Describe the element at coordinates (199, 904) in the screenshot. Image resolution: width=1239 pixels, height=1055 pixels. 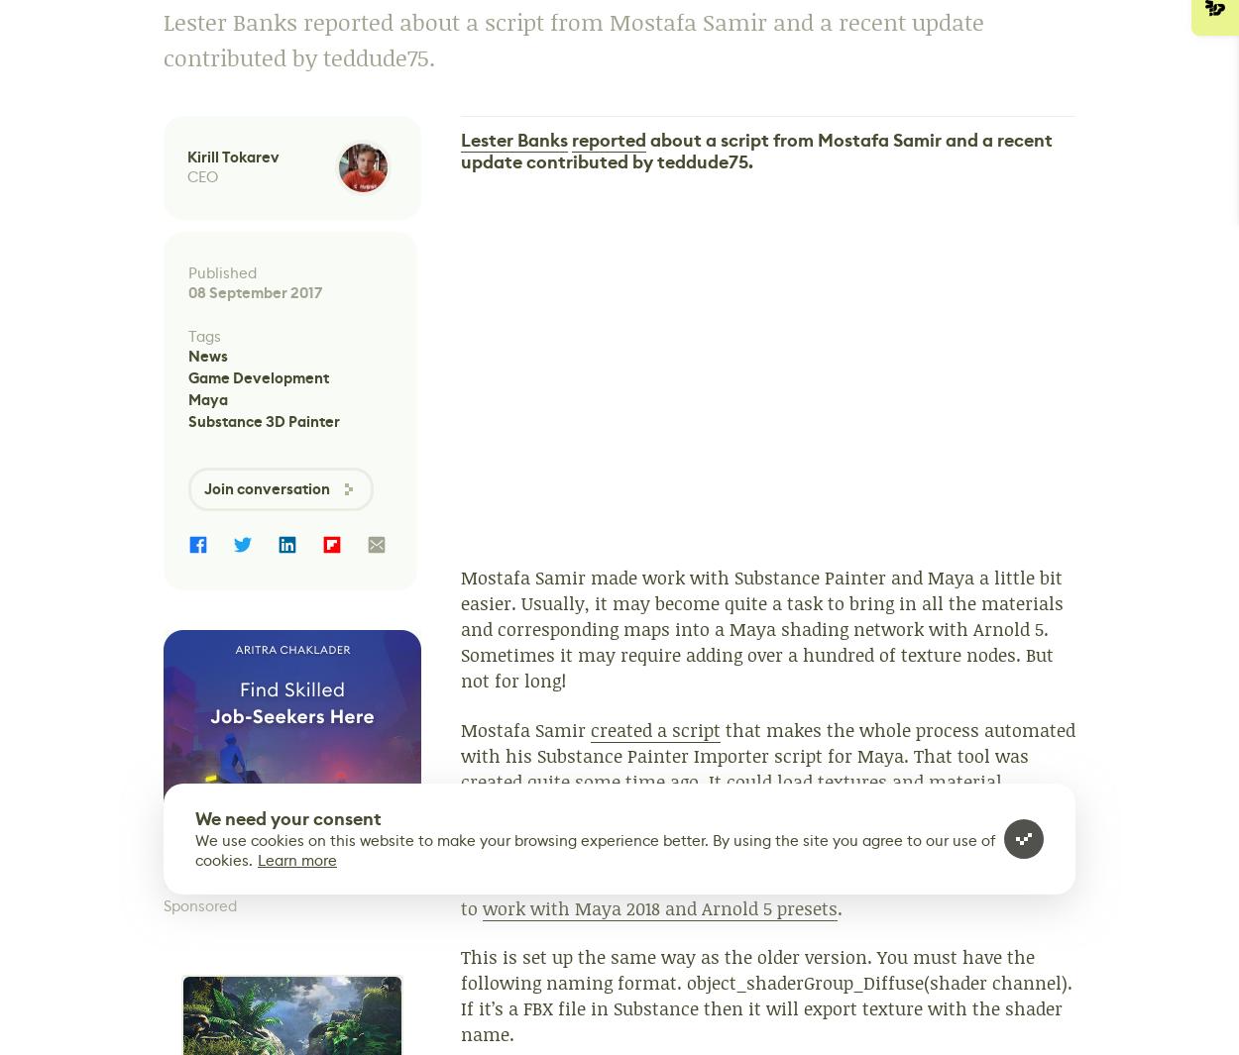
I see `'Sponsored'` at that location.